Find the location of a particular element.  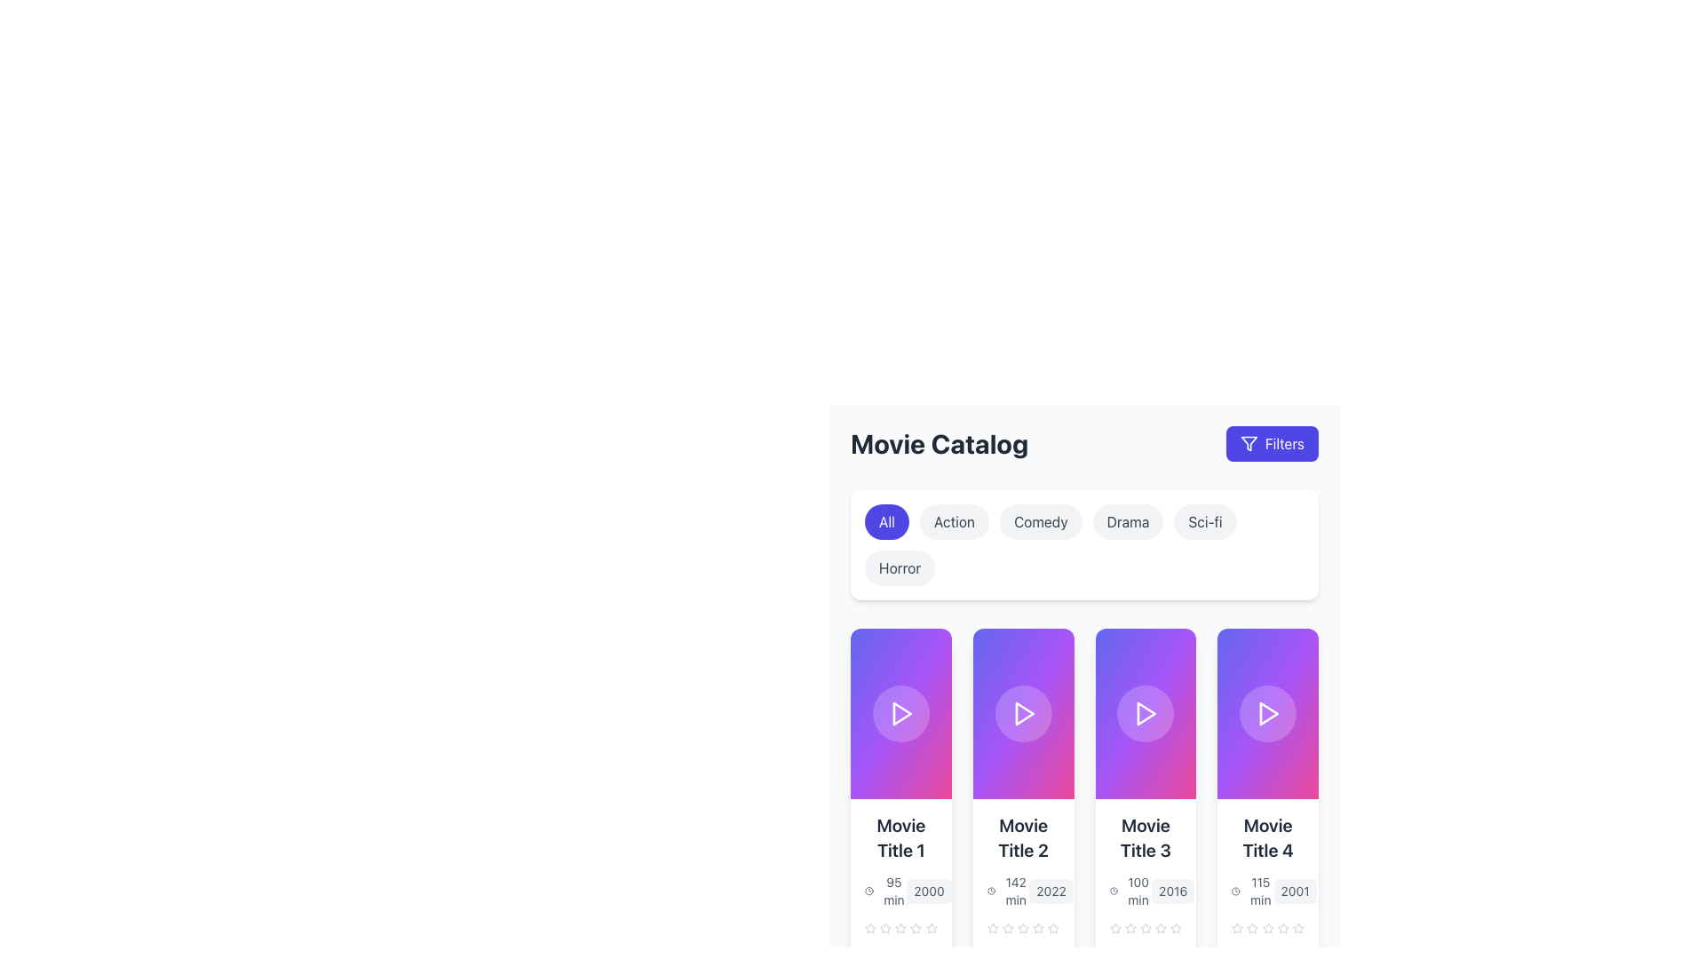

the first Rating Star Icon in the row of five stars at the bottom of the fourth card titled 'Movie Title 4' is located at coordinates (1283, 927).